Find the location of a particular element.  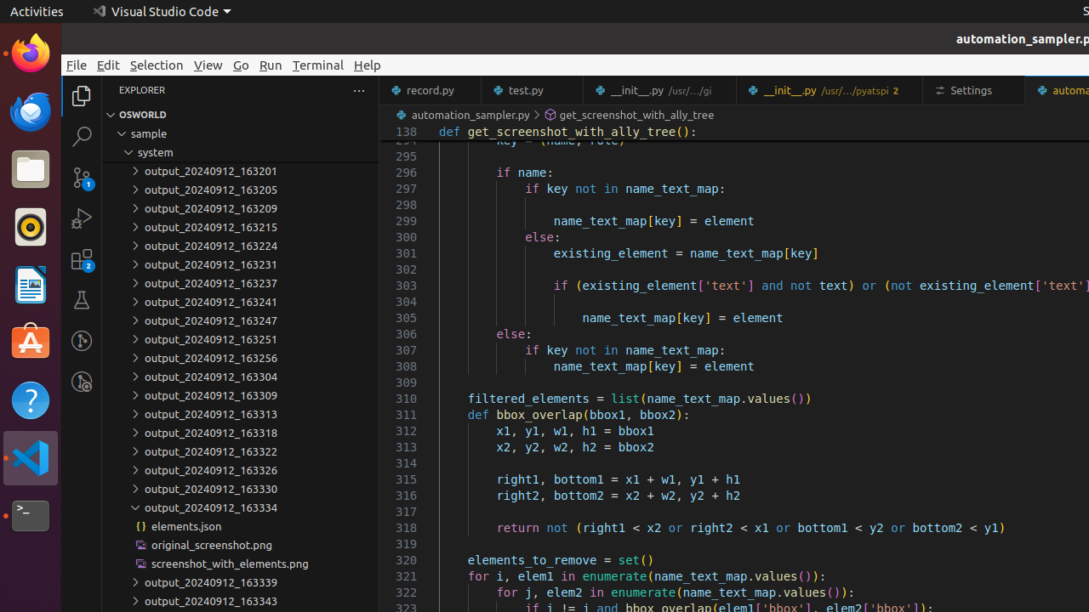

'Selection' is located at coordinates (157, 64).